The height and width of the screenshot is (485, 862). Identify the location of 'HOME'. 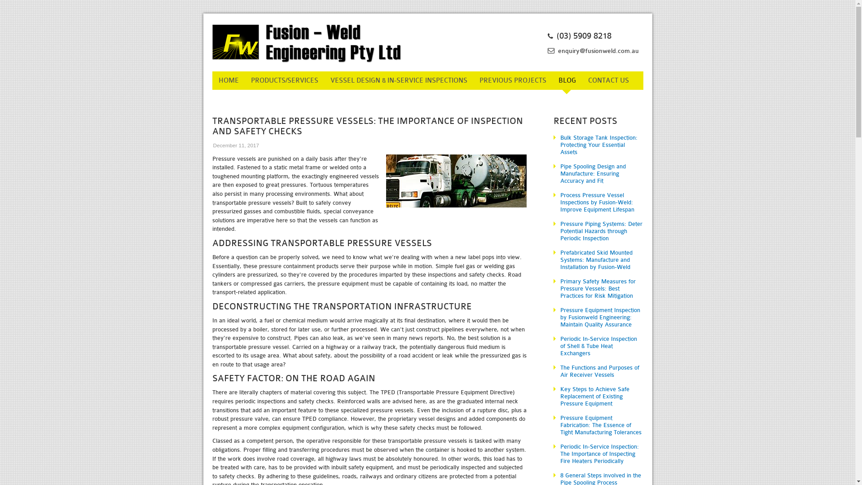
(228, 80).